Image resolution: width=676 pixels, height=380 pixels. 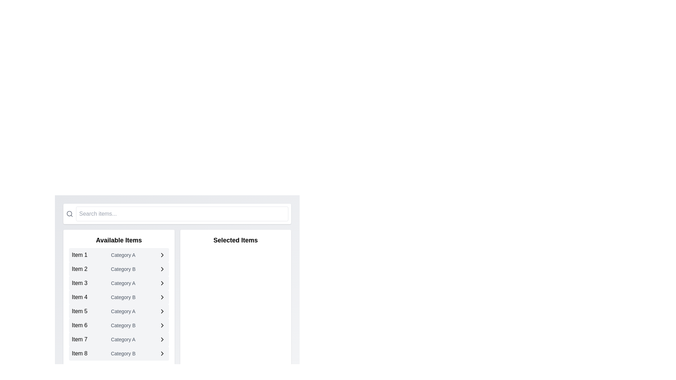 I want to click on the informational Text Label that describes 'Item 5', located directly below 'Item 5' and aligned to the right within the same row in the 'Available Items' list, so click(x=123, y=311).